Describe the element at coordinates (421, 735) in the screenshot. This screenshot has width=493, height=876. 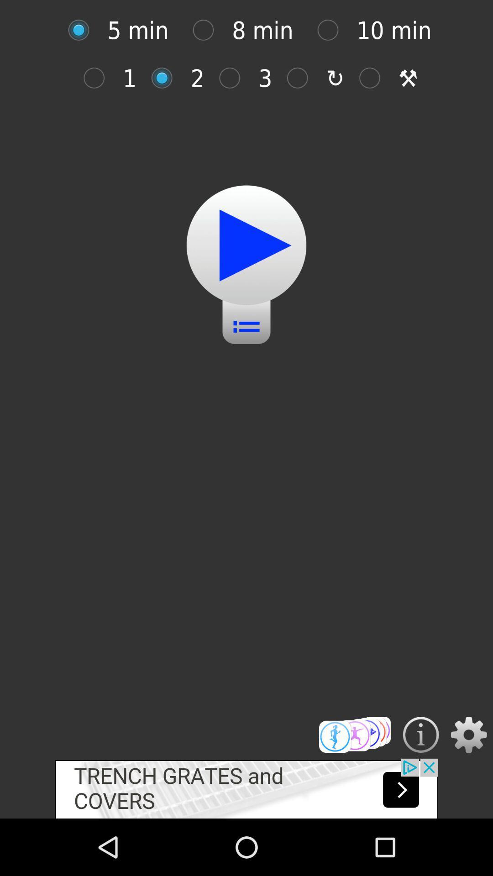
I see `get more information` at that location.